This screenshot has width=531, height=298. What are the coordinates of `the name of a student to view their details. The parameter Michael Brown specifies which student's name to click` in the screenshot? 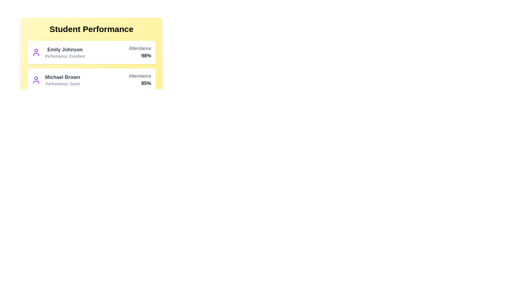 It's located at (62, 77).